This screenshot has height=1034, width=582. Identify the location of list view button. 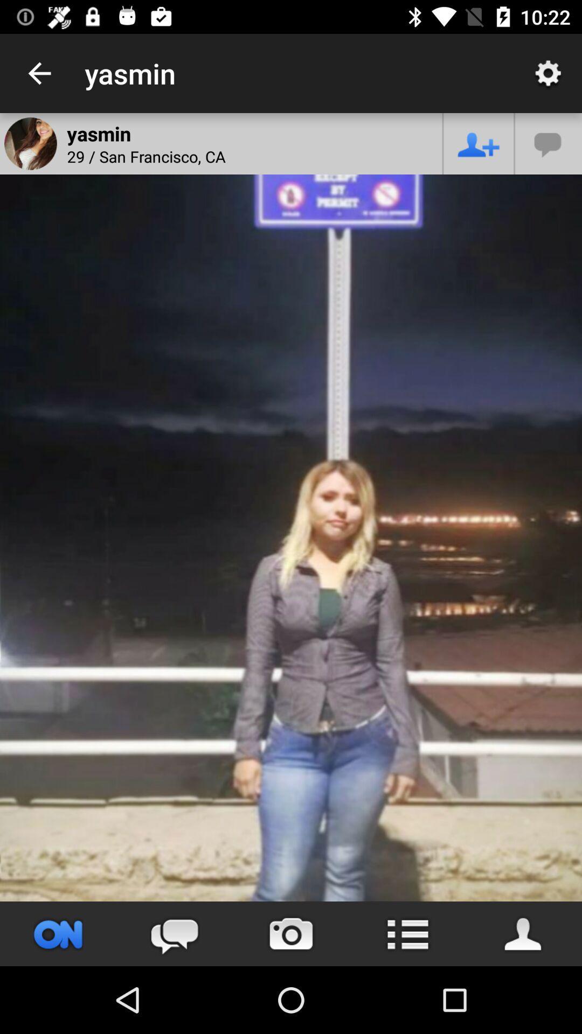
(407, 933).